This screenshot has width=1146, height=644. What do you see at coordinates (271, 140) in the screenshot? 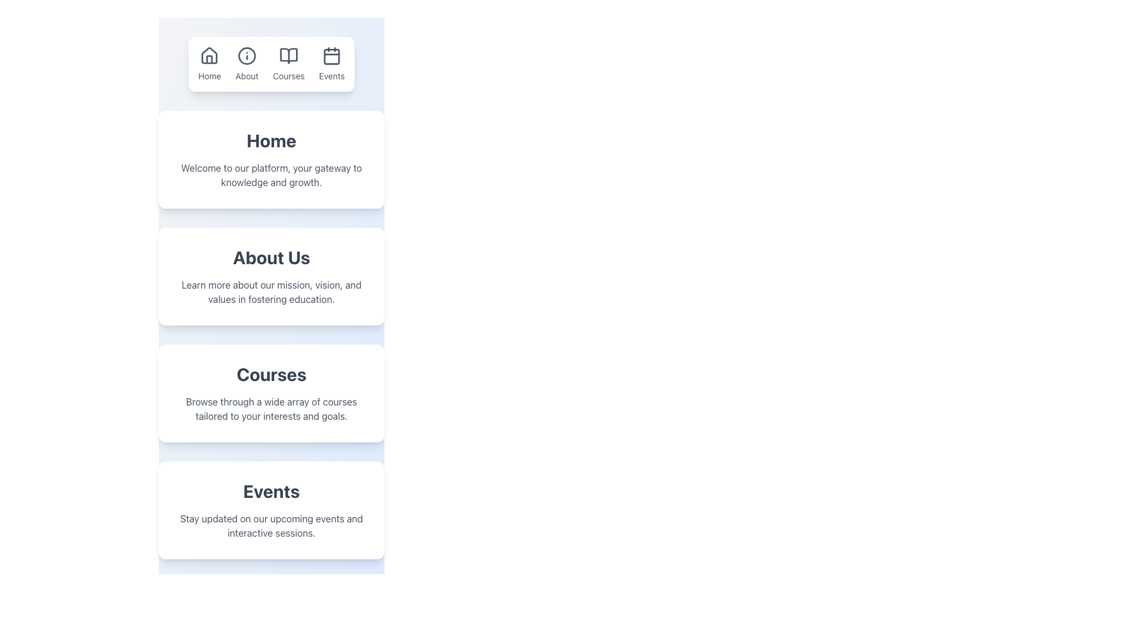
I see `the 'Home' header text, which is prominently displayed in large, bold, dark gray font at the top of a white card with rounded corners` at bounding box center [271, 140].